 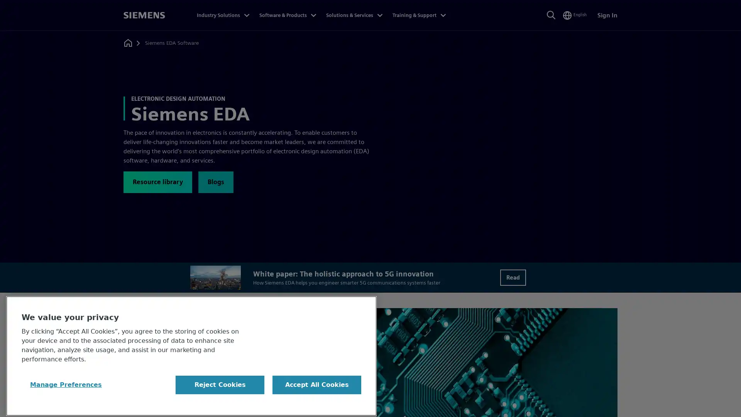 What do you see at coordinates (66, 379) in the screenshot?
I see `Manage Preferences` at bounding box center [66, 379].